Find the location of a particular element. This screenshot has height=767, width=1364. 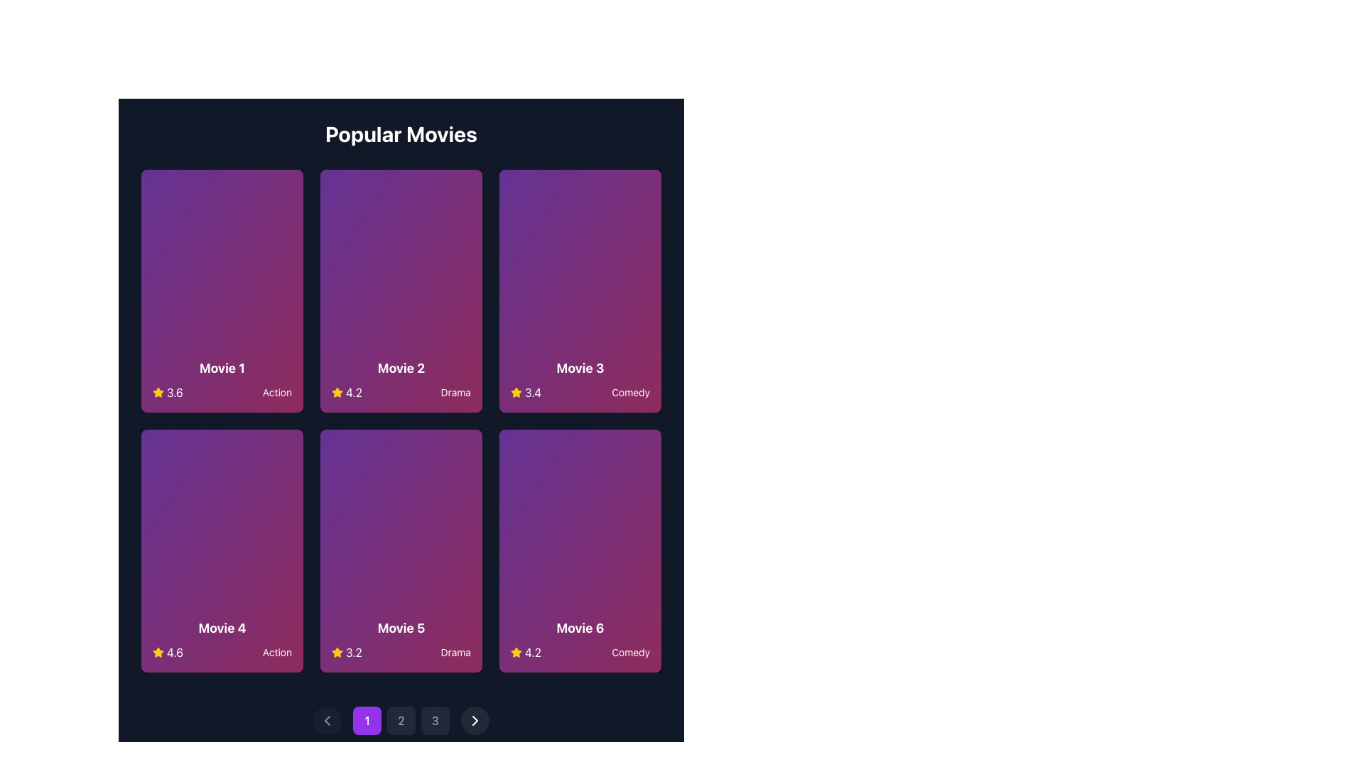

the third movie card in the top-right section of the grid layout, which displays movie details such as title, rating, and genre is located at coordinates (580, 290).